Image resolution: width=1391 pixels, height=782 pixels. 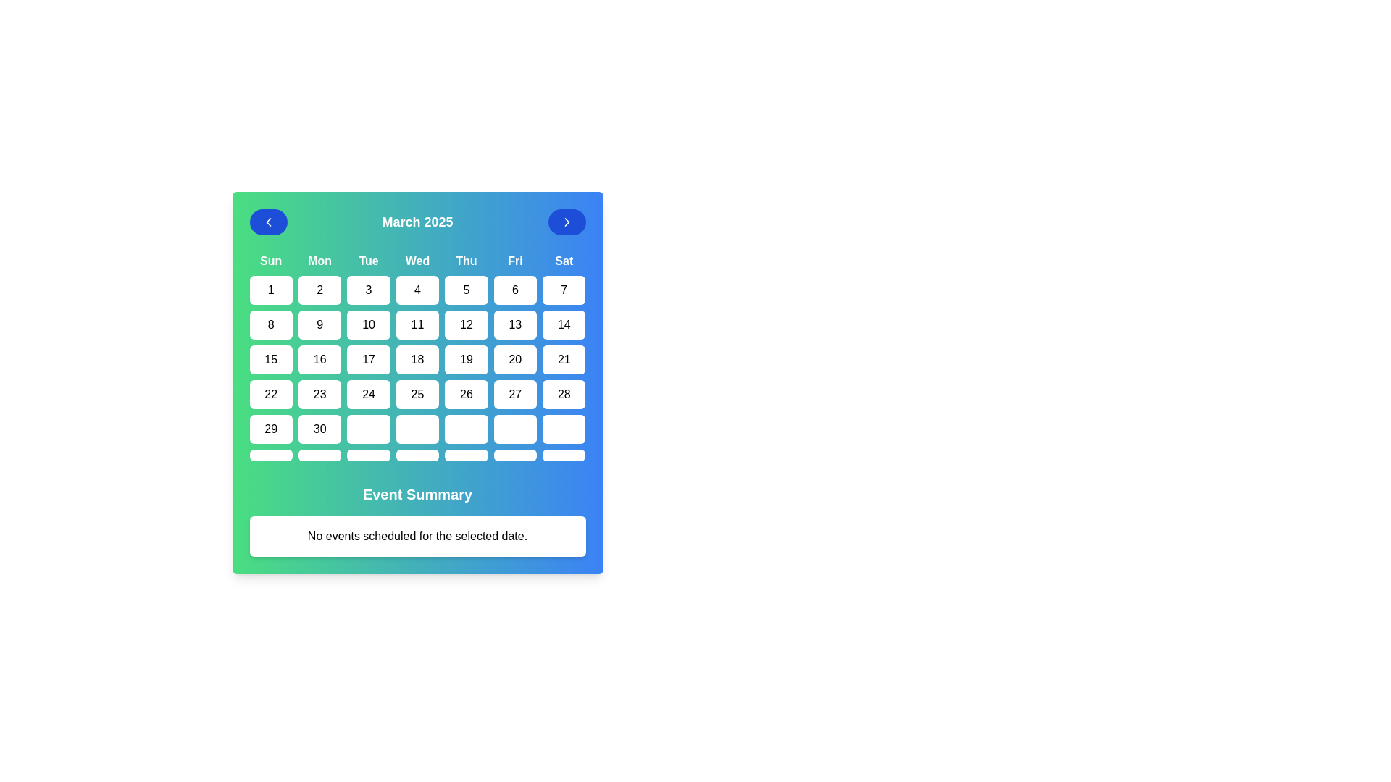 What do you see at coordinates (515, 454) in the screenshot?
I see `the sixth empty cell button in the last row of the calendar view` at bounding box center [515, 454].